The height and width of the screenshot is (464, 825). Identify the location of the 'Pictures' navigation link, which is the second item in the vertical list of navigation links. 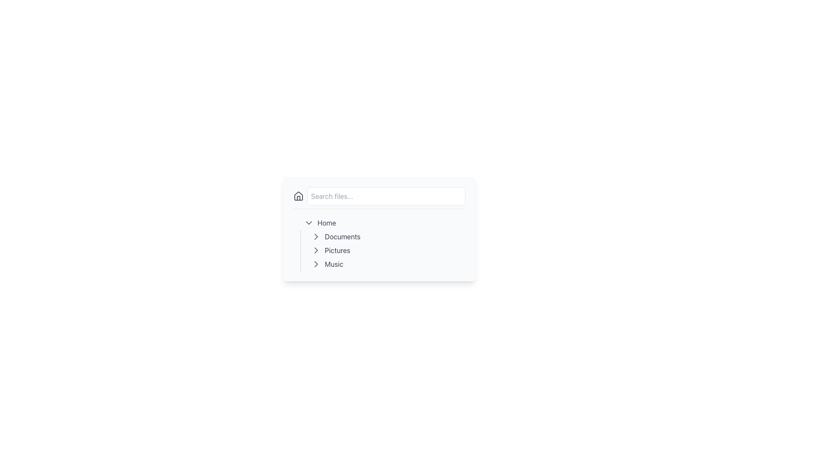
(382, 250).